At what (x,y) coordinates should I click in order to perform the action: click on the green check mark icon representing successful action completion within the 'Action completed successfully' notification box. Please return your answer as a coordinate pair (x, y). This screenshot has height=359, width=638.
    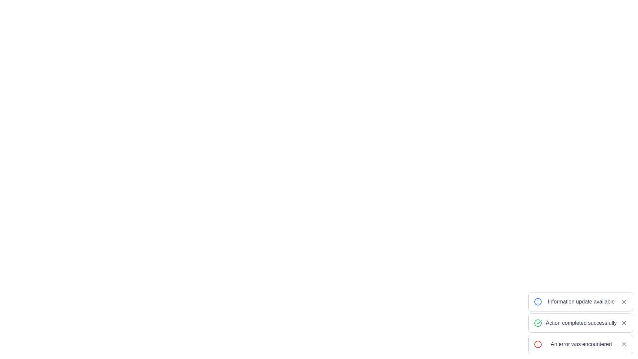
    Looking at the image, I should click on (539, 321).